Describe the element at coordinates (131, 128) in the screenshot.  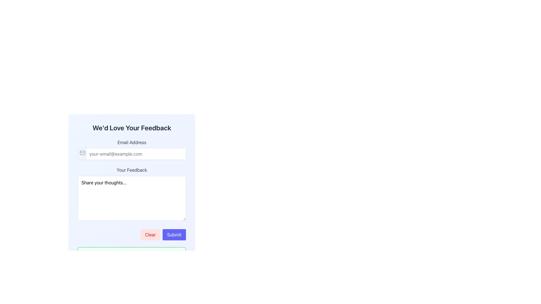
I see `the text header that displays 'We'd Love Your Feedback', which is a large, bold, dark gray font centered at the top of the feedback form` at that location.